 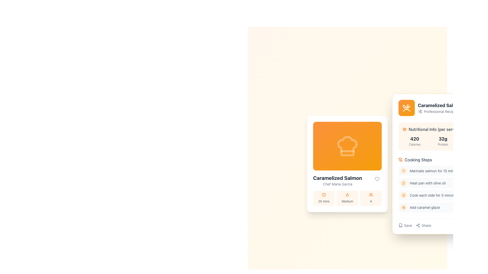 I want to click on the flame icon that signifies the cooking difficulty level, positioned above the 'Medium' label within a card-like component, so click(x=347, y=194).